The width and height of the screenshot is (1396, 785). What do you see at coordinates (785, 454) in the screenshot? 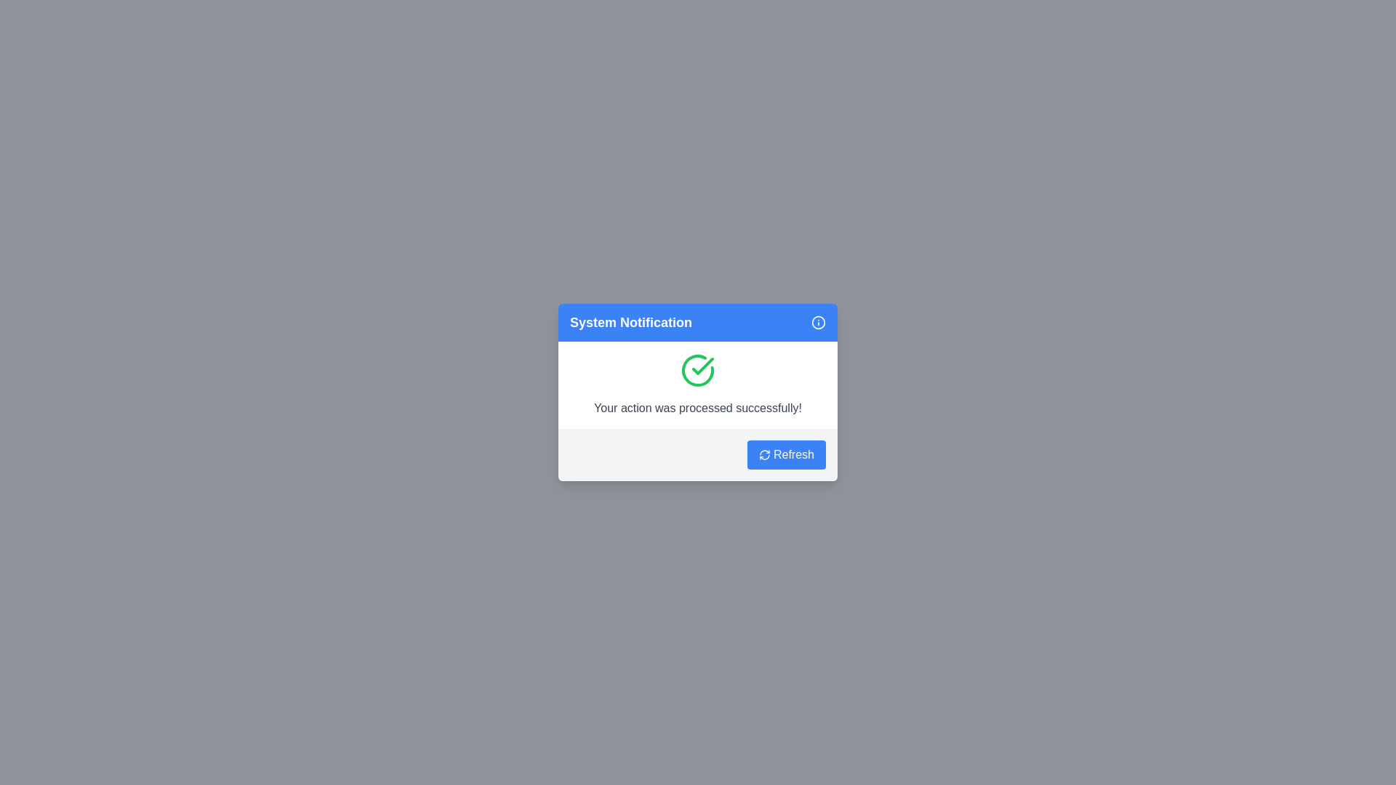
I see `the 'Refresh' button to refresh the page` at bounding box center [785, 454].